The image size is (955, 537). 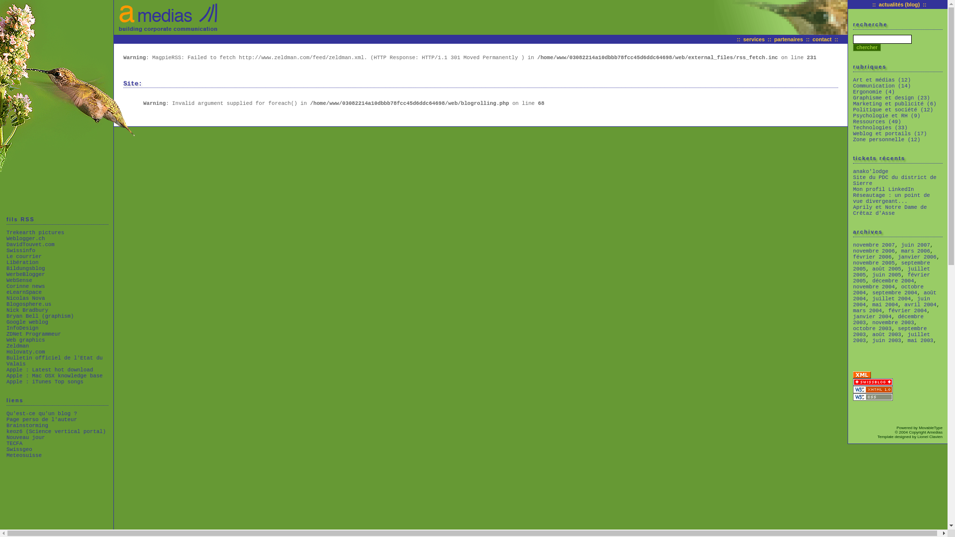 What do you see at coordinates (881, 86) in the screenshot?
I see `'Communication (14)'` at bounding box center [881, 86].